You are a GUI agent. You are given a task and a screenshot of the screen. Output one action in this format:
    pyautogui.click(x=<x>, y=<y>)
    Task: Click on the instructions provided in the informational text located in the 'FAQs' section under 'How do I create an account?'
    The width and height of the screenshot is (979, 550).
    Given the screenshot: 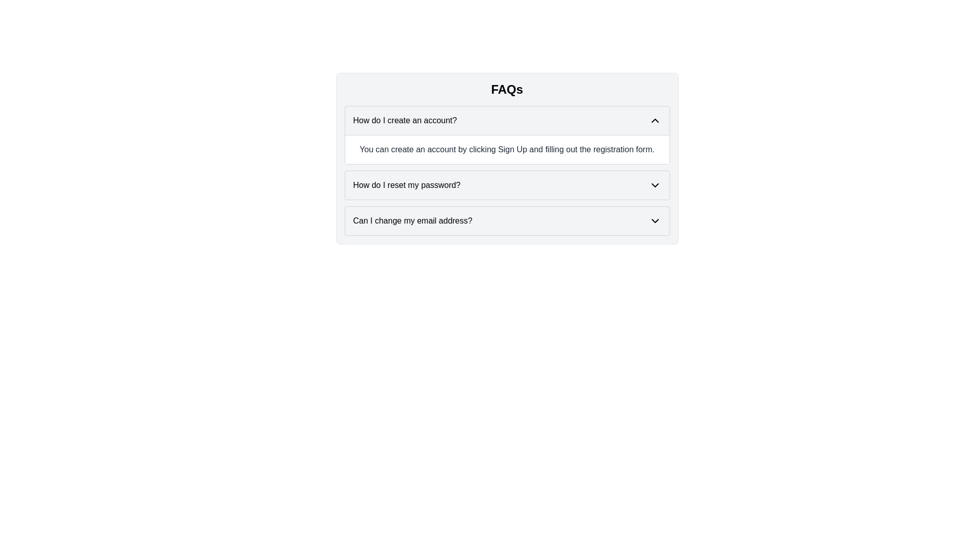 What is the action you would take?
    pyautogui.click(x=507, y=149)
    